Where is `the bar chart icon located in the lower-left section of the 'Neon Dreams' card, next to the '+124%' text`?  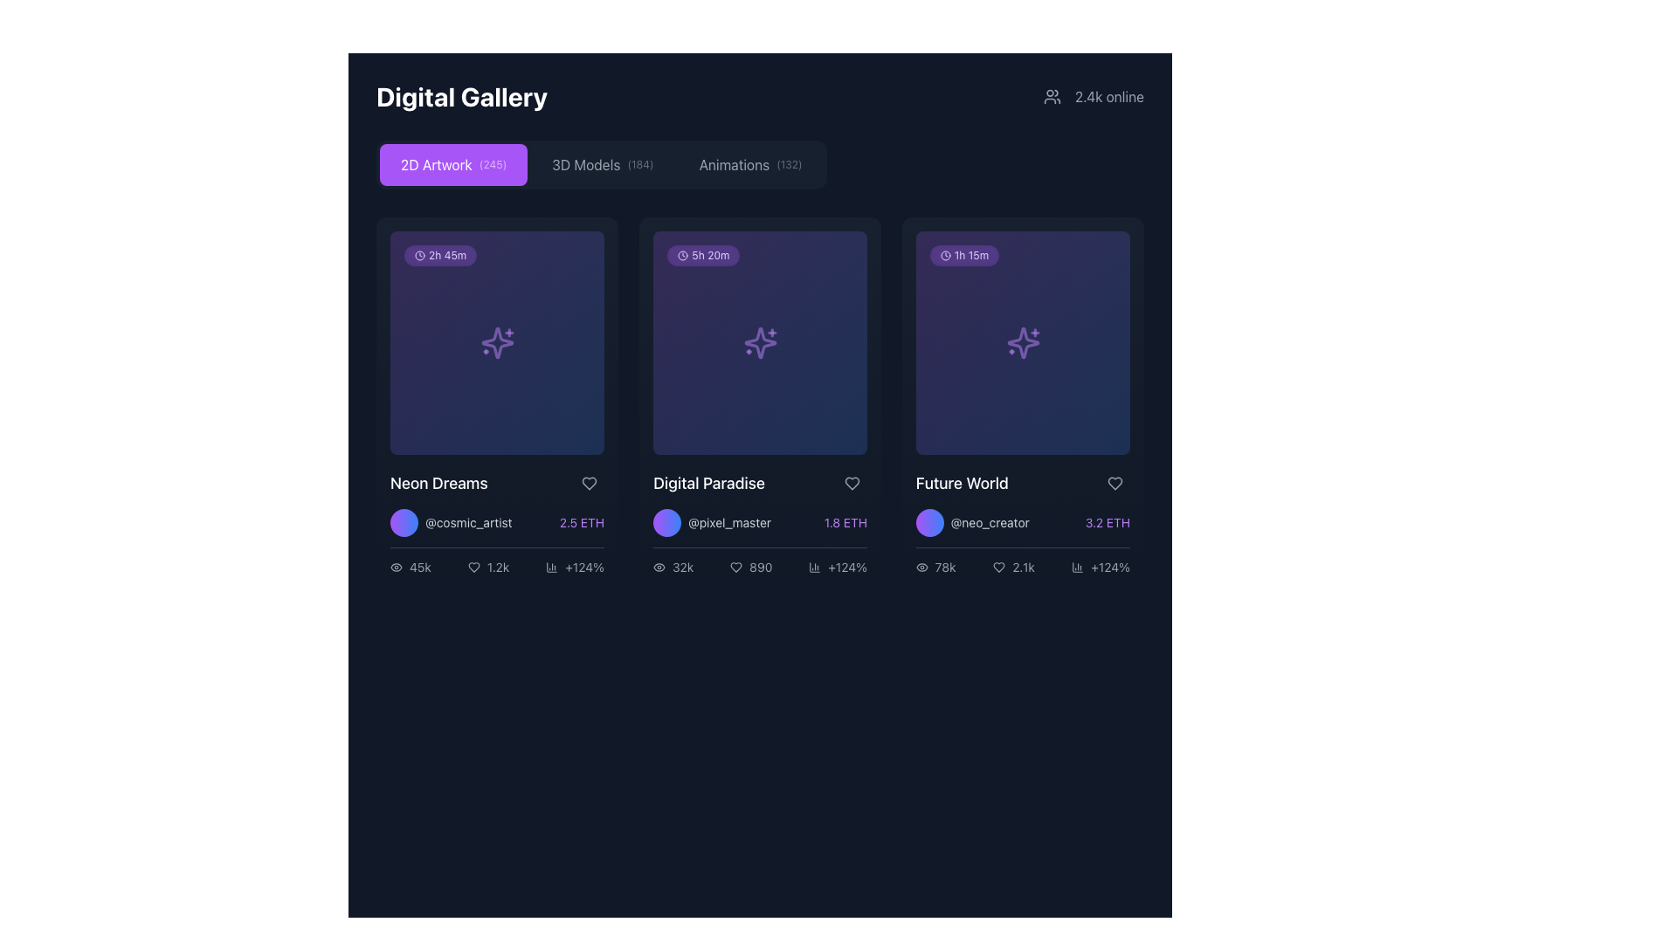
the bar chart icon located in the lower-left section of the 'Neon Dreams' card, next to the '+124%' text is located at coordinates (551, 568).